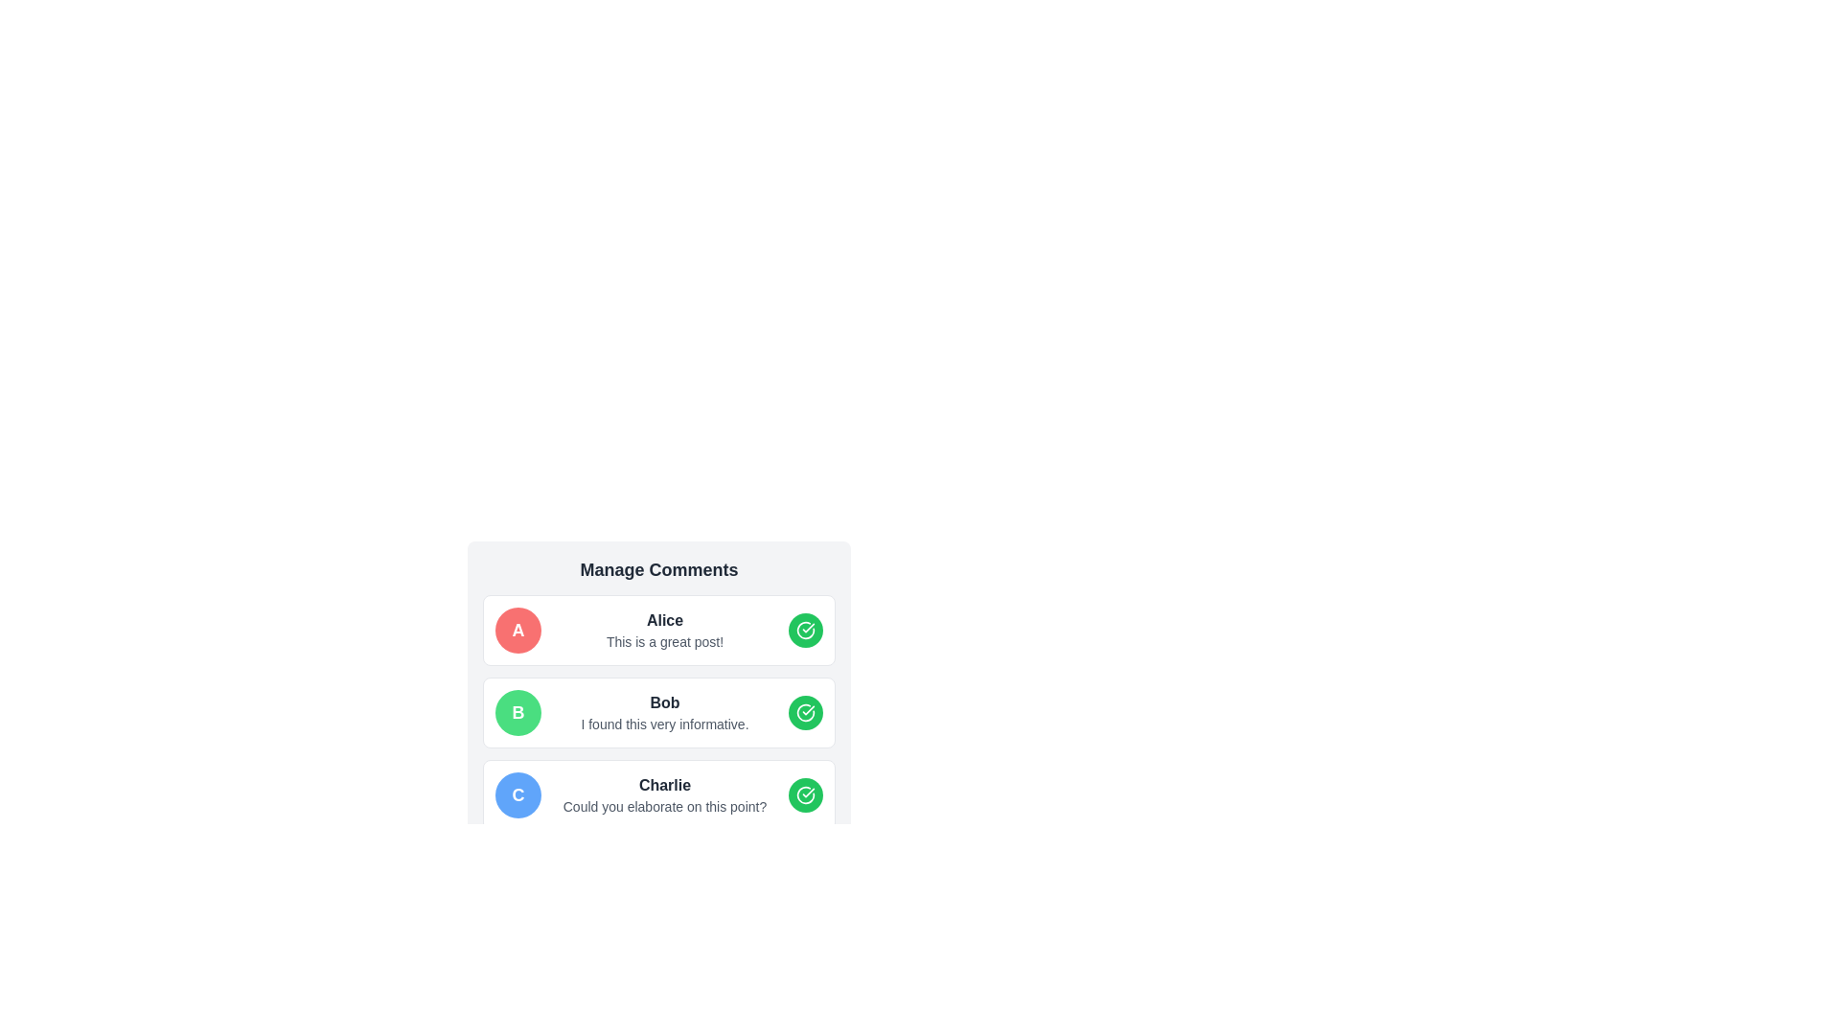 The image size is (1840, 1035). What do you see at coordinates (658, 713) in the screenshot?
I see `the green circular button with a check icon next to the user comments` at bounding box center [658, 713].